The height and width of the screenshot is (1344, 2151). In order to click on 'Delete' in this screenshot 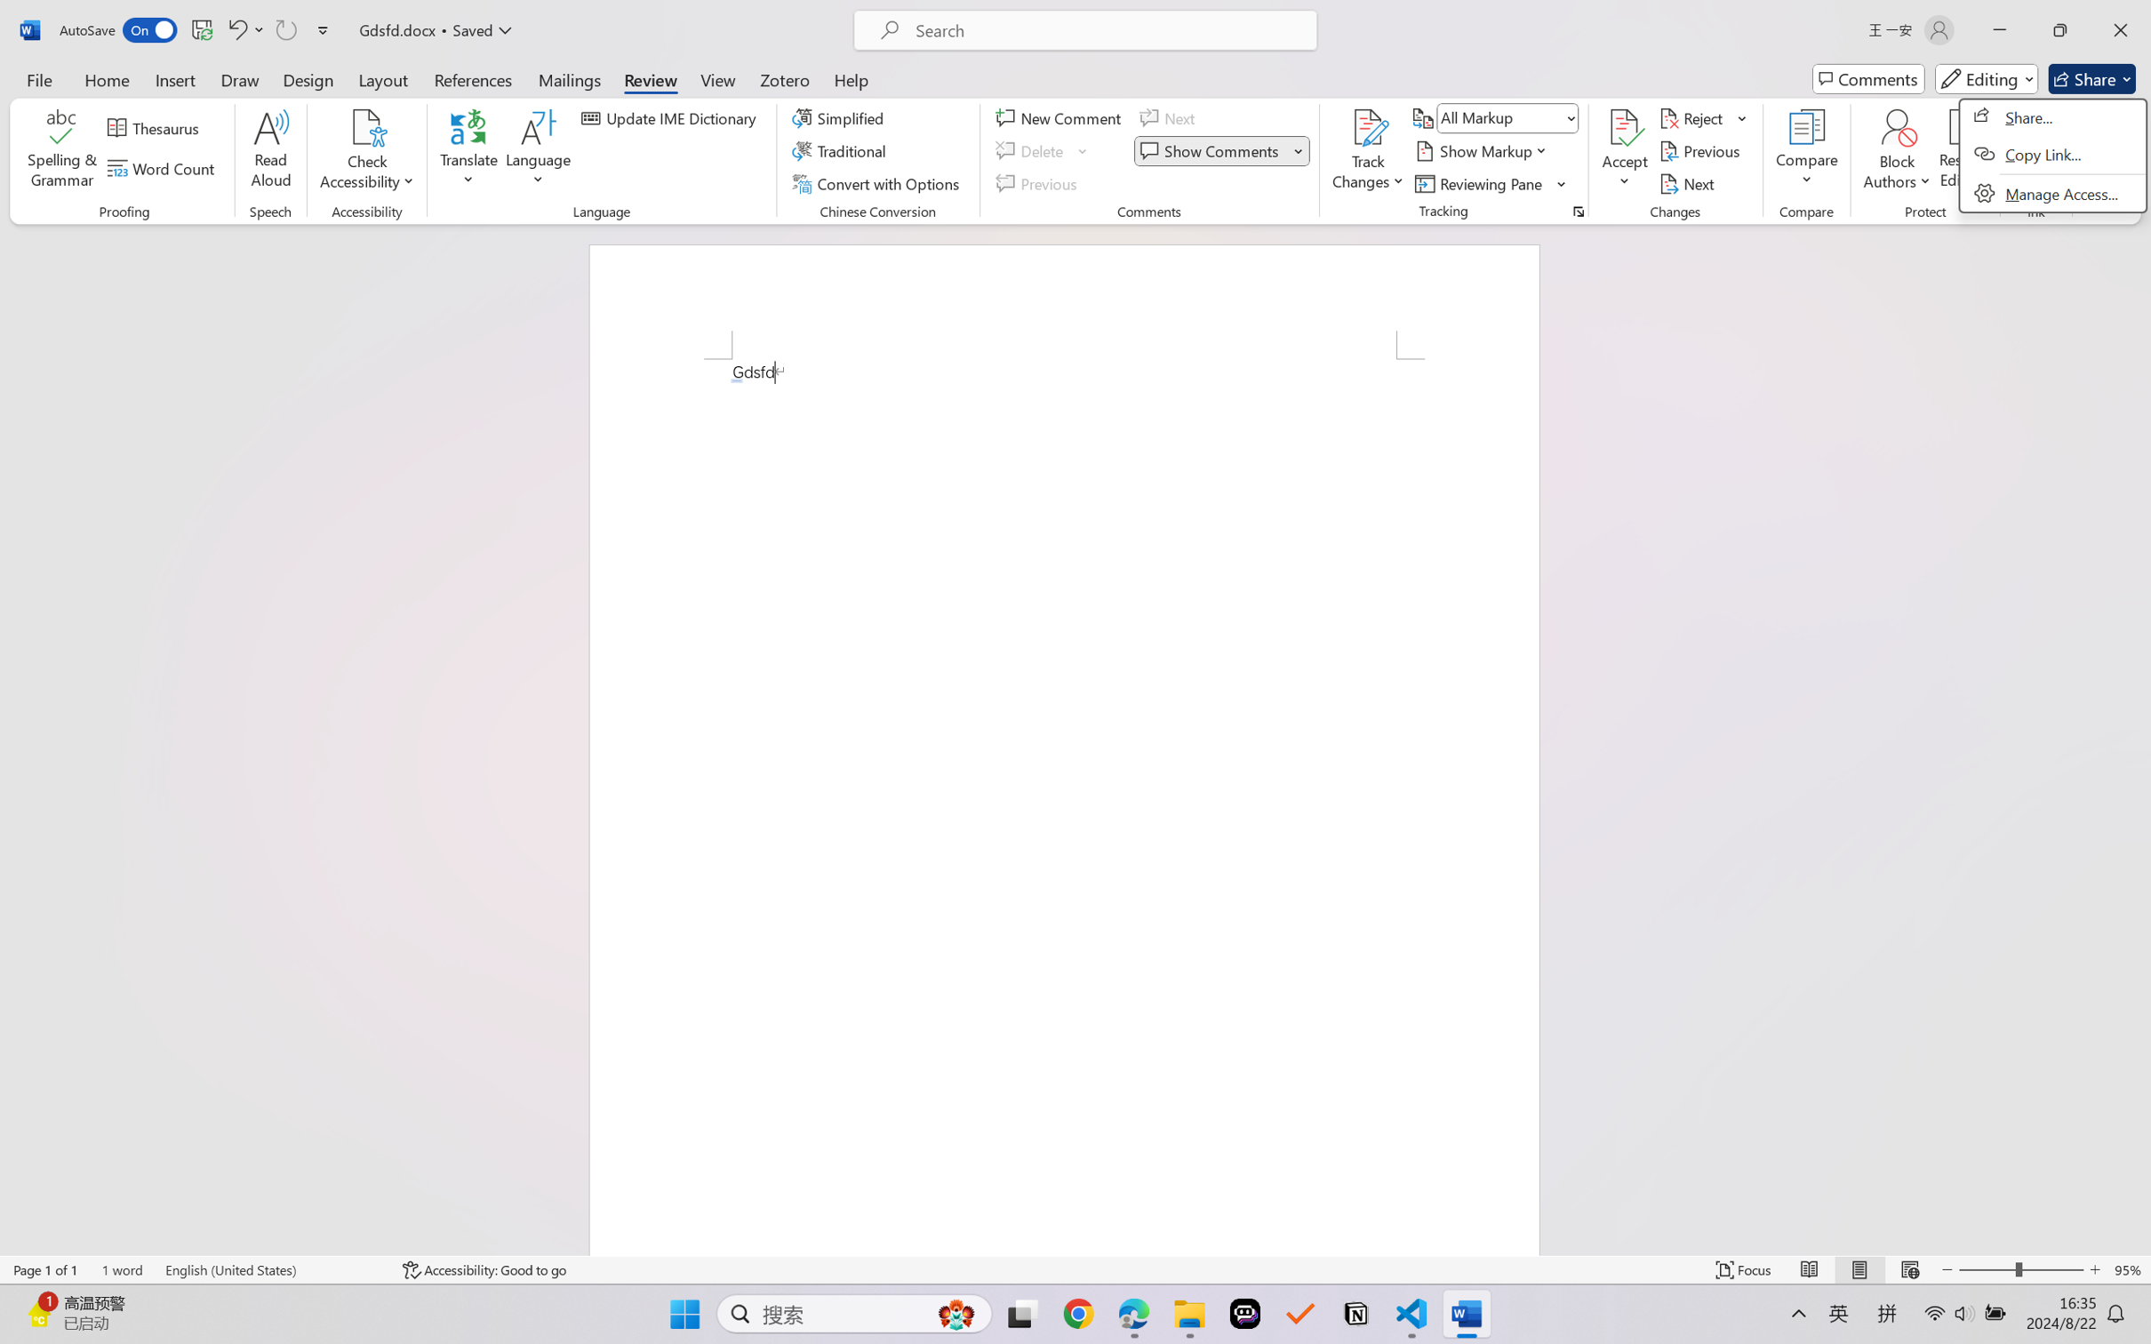, I will do `click(1043, 151)`.